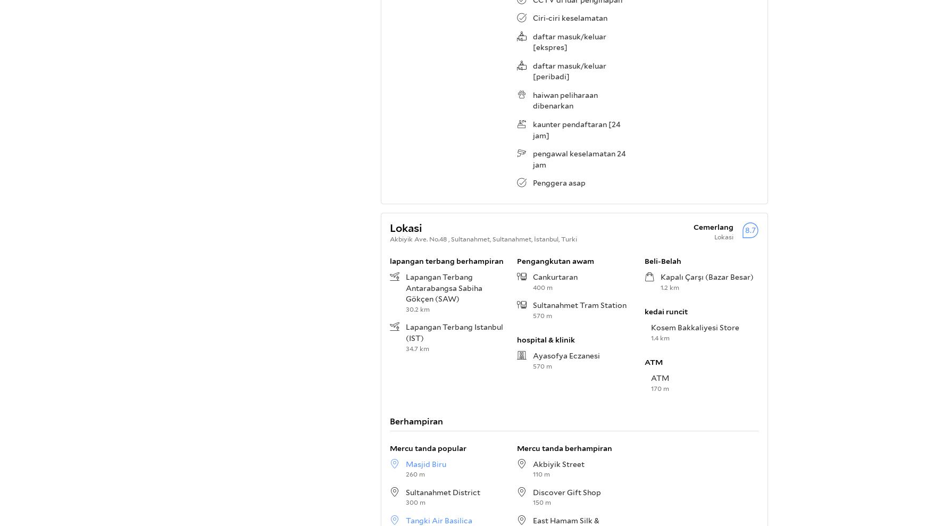 Image resolution: width=951 pixels, height=526 pixels. I want to click on '110 m', so click(532, 473).